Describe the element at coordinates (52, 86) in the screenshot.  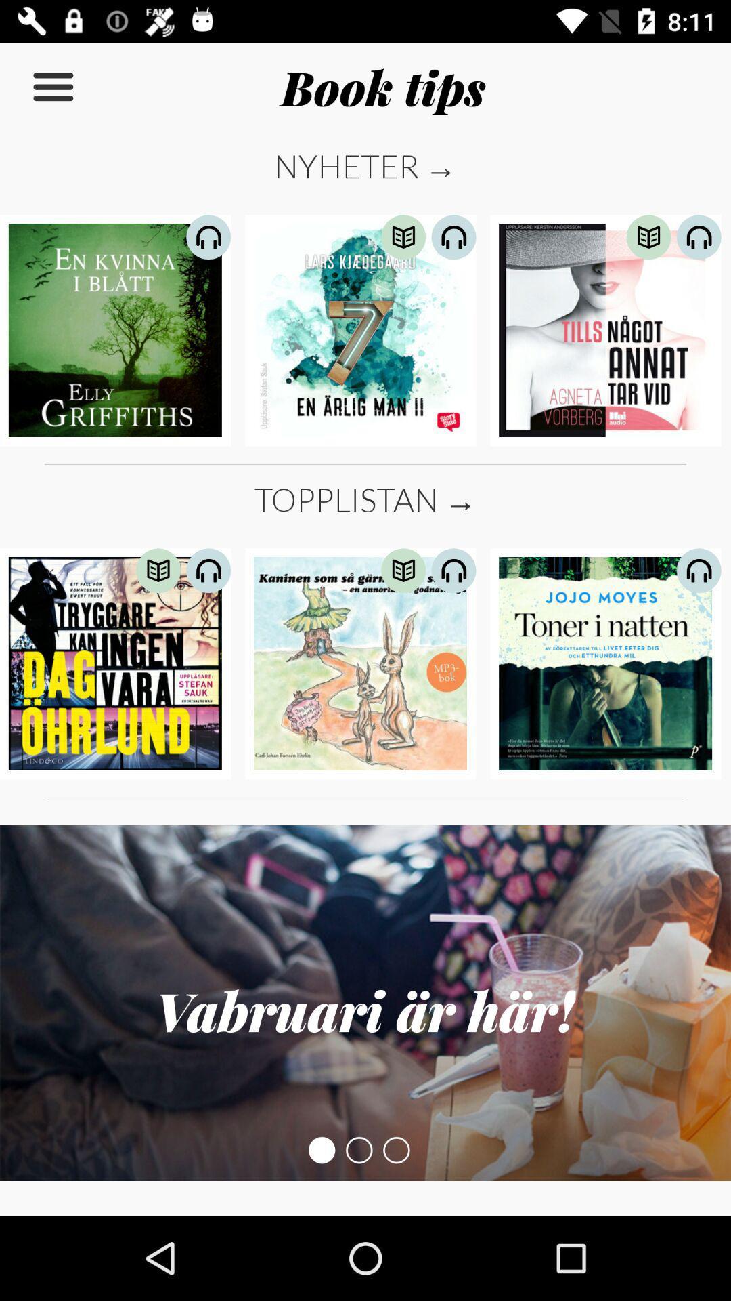
I see `icon to the left of book tips item` at that location.